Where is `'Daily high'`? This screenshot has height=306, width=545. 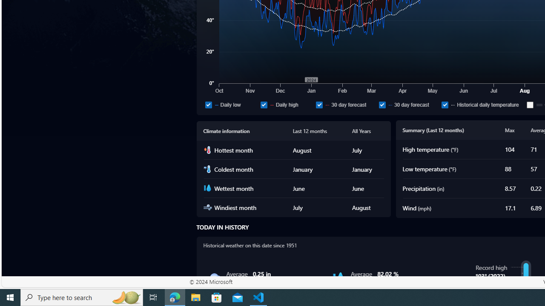 'Daily high' is located at coordinates (263, 104).